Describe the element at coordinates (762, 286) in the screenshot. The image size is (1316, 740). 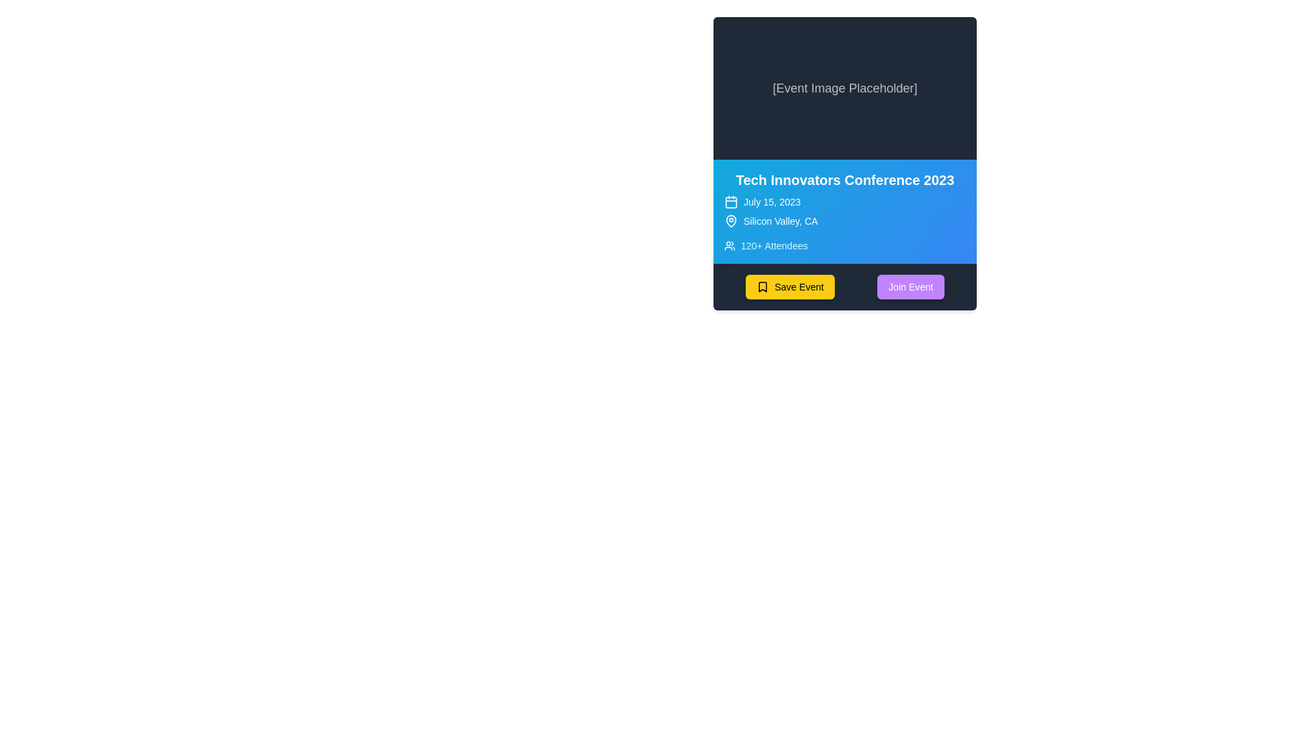
I see `the bookmark icon within the 'Save Event' button to interact with the save functionality` at that location.